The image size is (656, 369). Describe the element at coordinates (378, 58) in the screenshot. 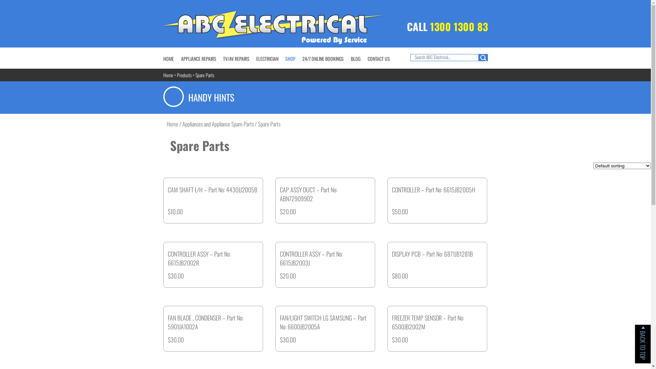

I see `'CONTACT US'` at that location.